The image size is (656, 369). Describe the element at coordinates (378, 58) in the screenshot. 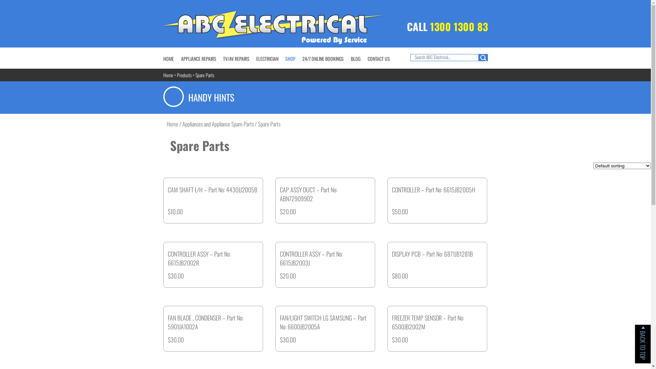

I see `'CONTACT US'` at that location.